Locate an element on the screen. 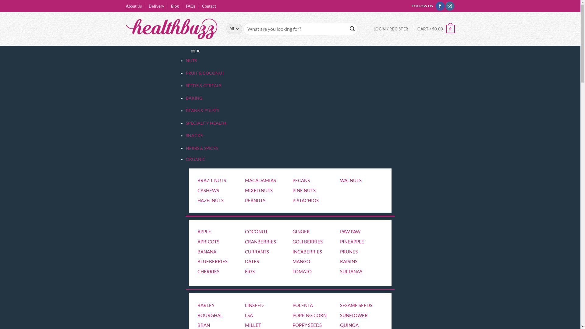  'APPLE' is located at coordinates (197, 231).